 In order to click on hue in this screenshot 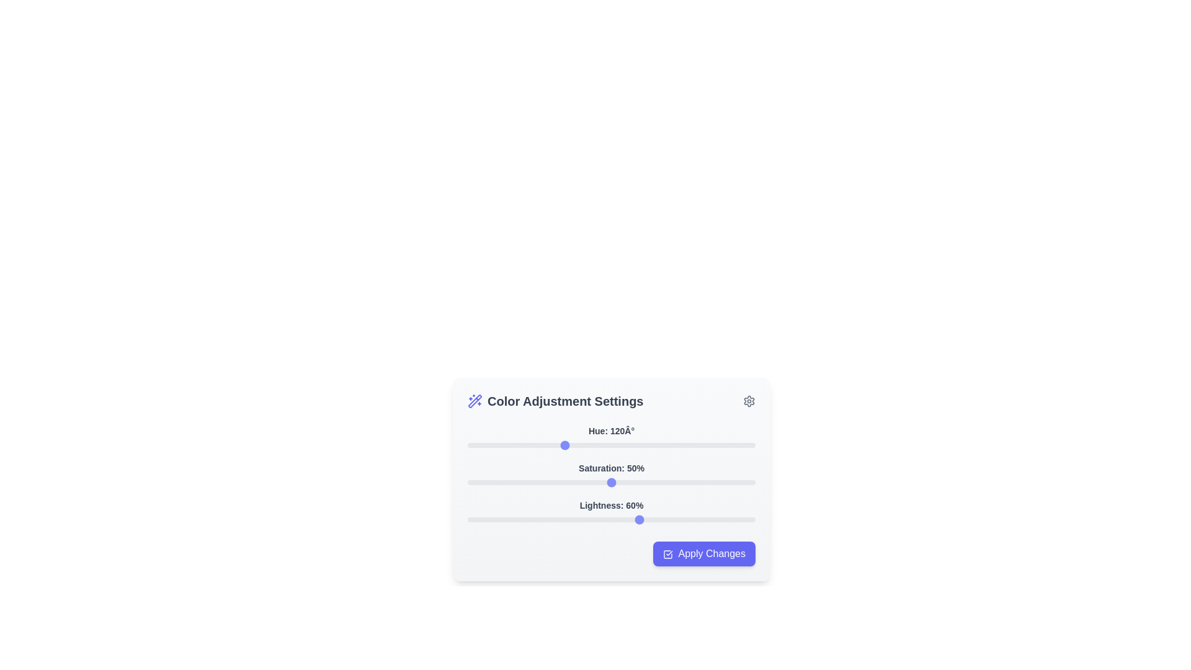, I will do `click(587, 444)`.